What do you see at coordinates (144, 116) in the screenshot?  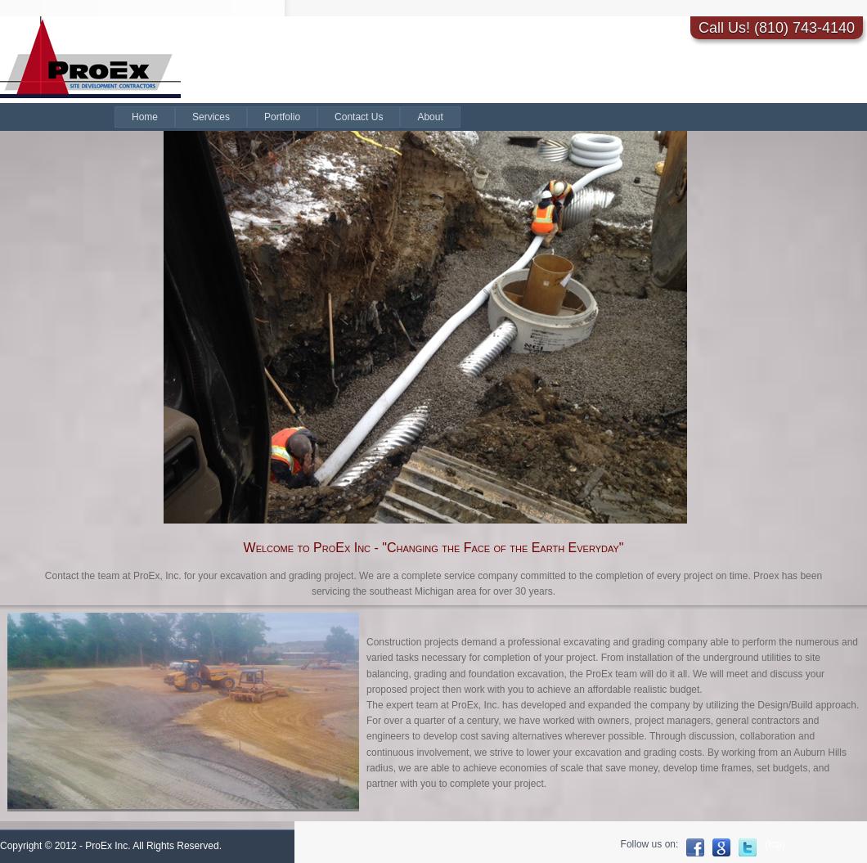 I see `'Home'` at bounding box center [144, 116].